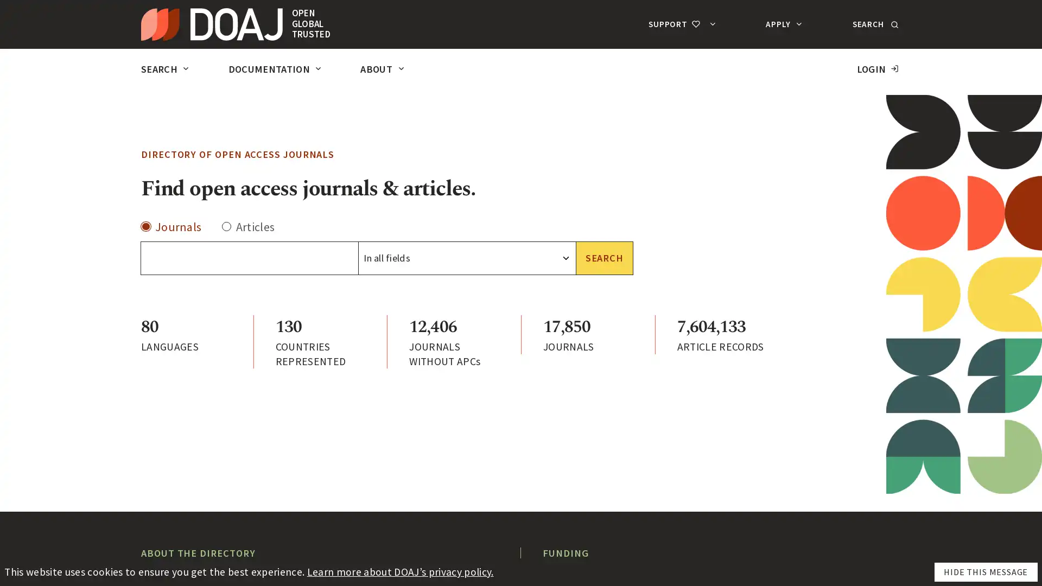 Image resolution: width=1042 pixels, height=586 pixels. What do you see at coordinates (603, 258) in the screenshot?
I see `SEARCH` at bounding box center [603, 258].